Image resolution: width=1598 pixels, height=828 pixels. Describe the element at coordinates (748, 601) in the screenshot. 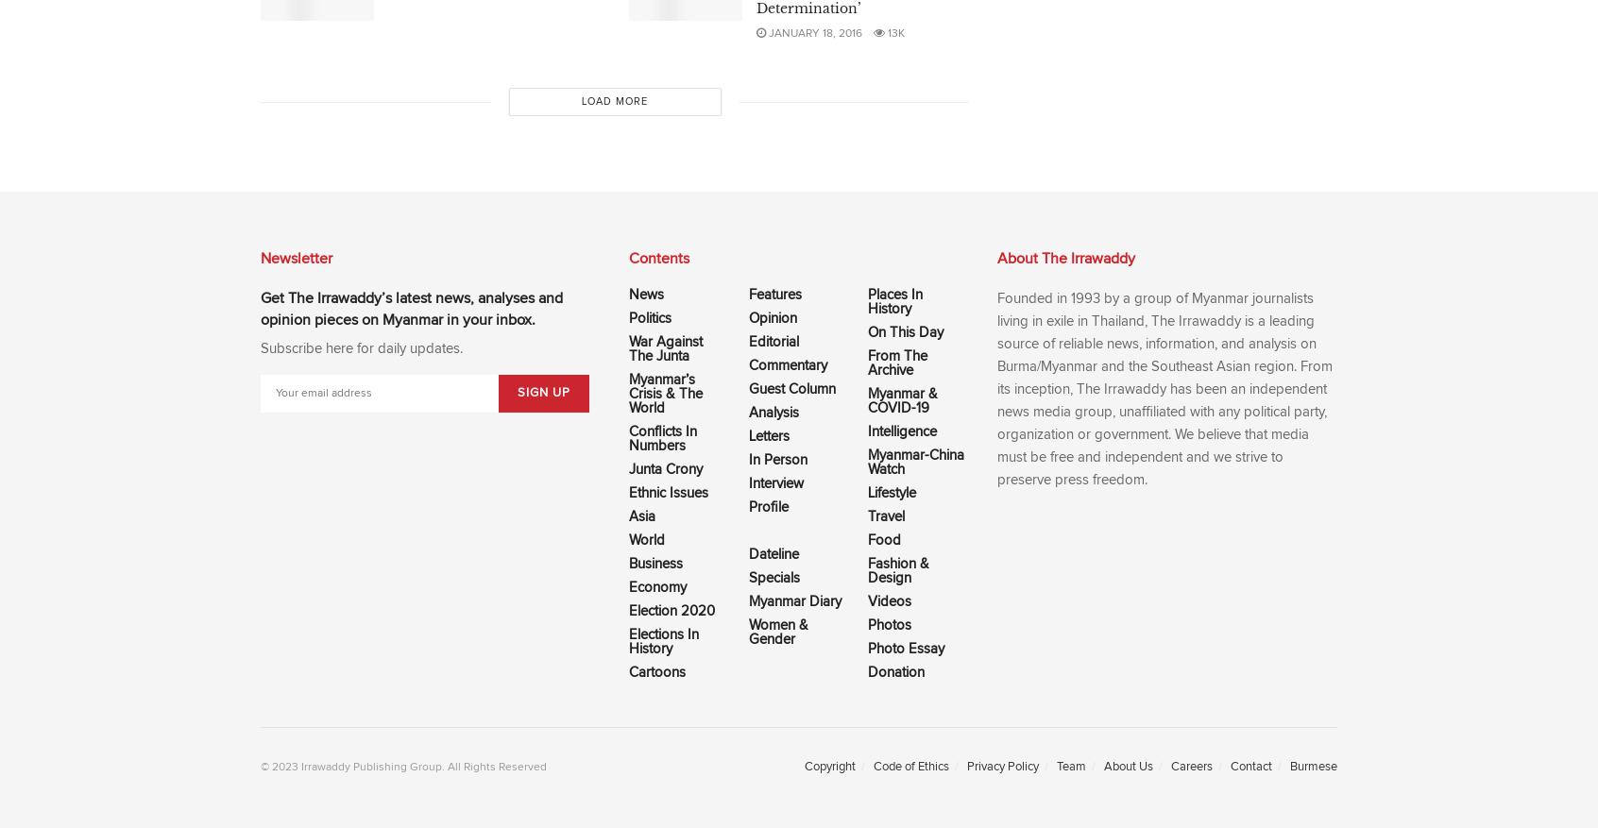

I see `'Myanmar Diary'` at that location.